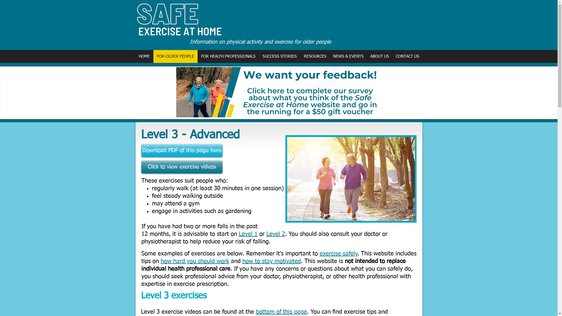  Describe the element at coordinates (144, 56) in the screenshot. I see `'HOME'` at that location.